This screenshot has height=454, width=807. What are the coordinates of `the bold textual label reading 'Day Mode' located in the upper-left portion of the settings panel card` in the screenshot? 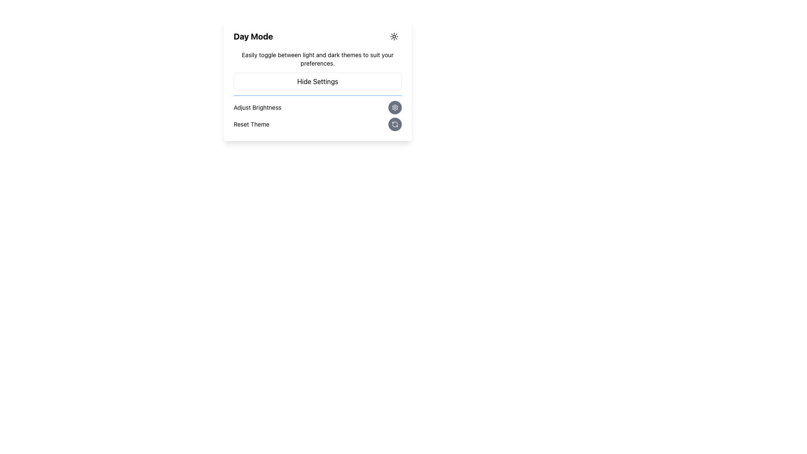 It's located at (253, 36).